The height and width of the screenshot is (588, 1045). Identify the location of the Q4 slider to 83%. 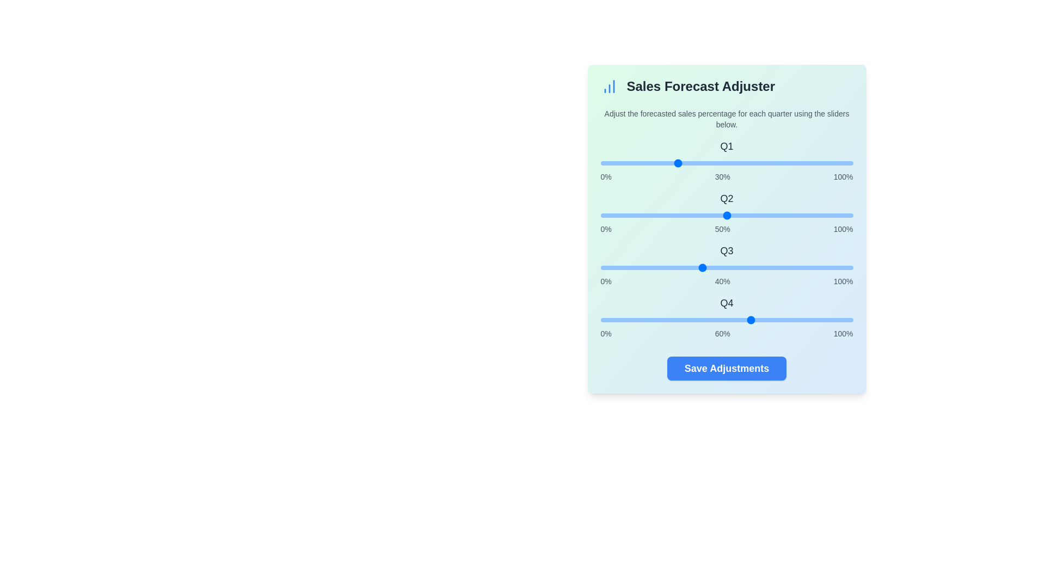
(810, 319).